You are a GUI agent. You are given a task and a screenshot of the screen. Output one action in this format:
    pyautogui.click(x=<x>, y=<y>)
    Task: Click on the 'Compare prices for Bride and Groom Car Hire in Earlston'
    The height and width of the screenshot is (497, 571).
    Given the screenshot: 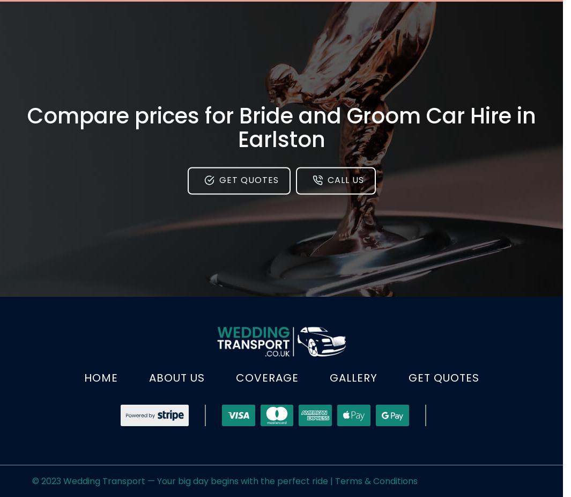 What is the action you would take?
    pyautogui.click(x=26, y=127)
    